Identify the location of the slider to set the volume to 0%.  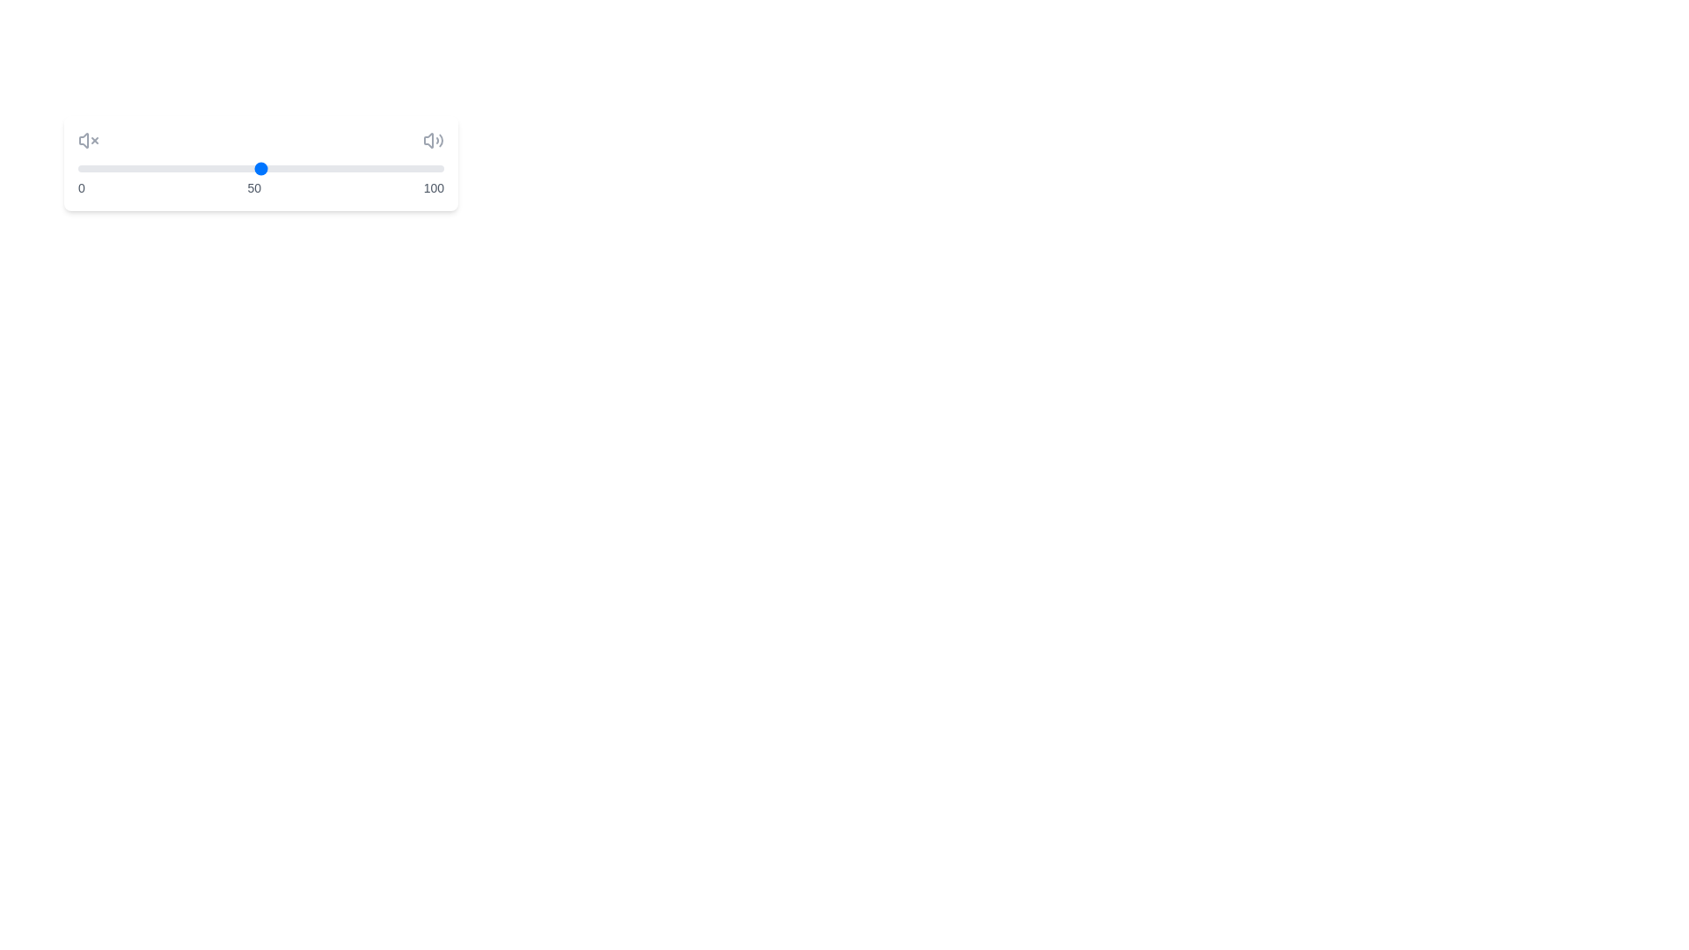
(77, 169).